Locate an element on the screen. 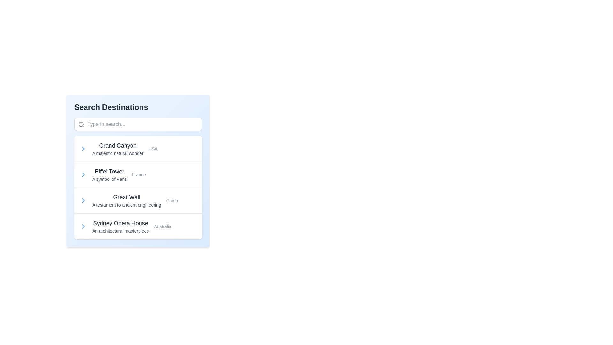 The height and width of the screenshot is (345, 613). the SVG Circle Element that resembles a lens of a magnifying glass in the search icon, located at the top-left corner of the input field under the 'Search Destinations' heading is located at coordinates (81, 124).